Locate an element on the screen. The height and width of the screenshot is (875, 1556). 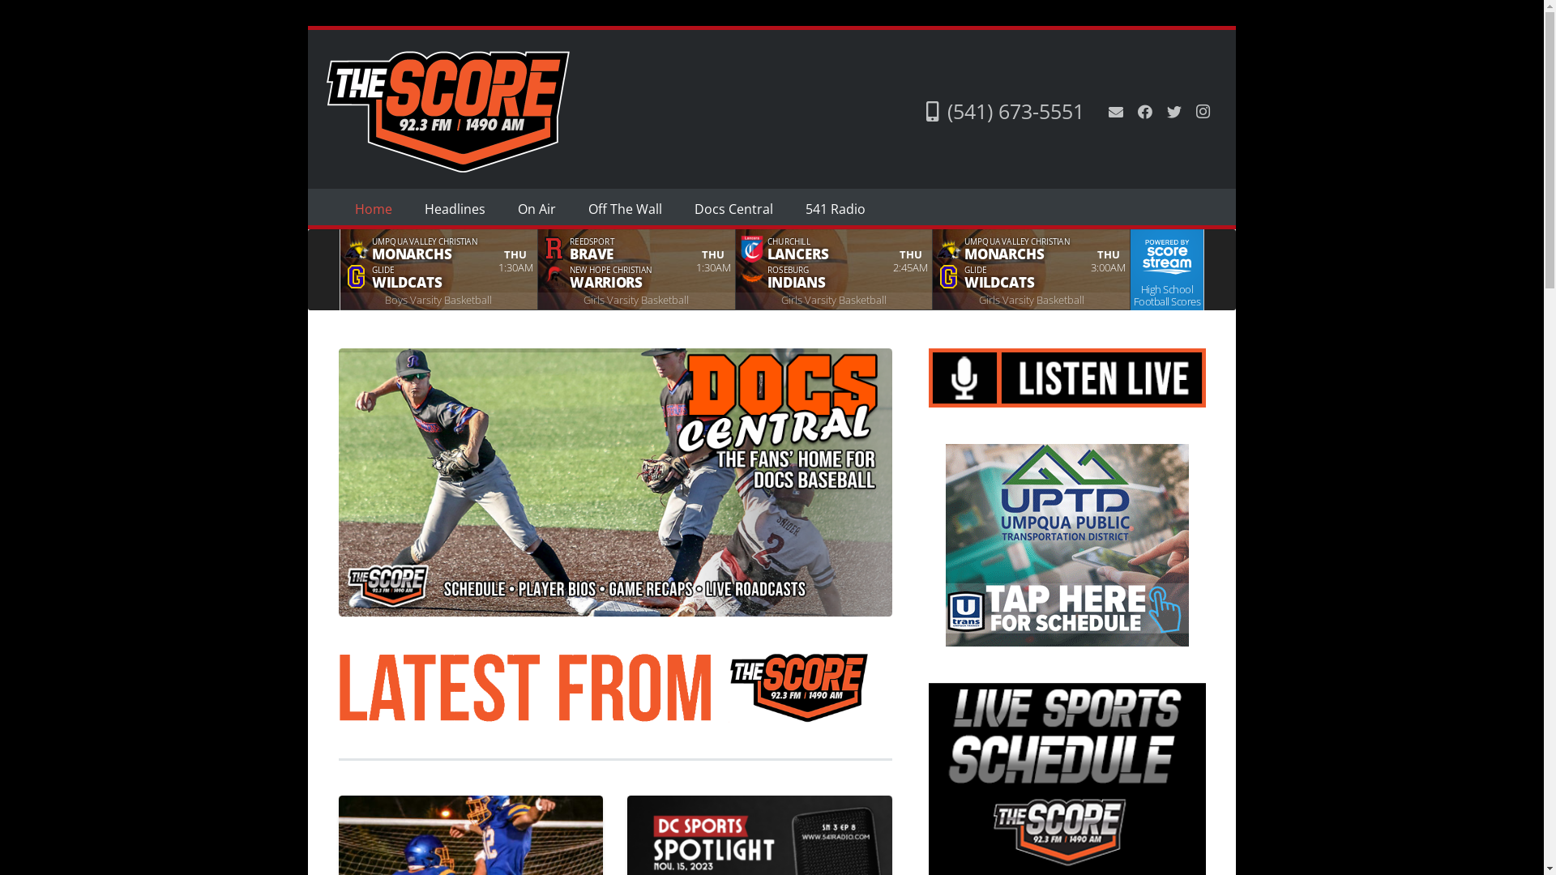
'Headlines' is located at coordinates (454, 208).